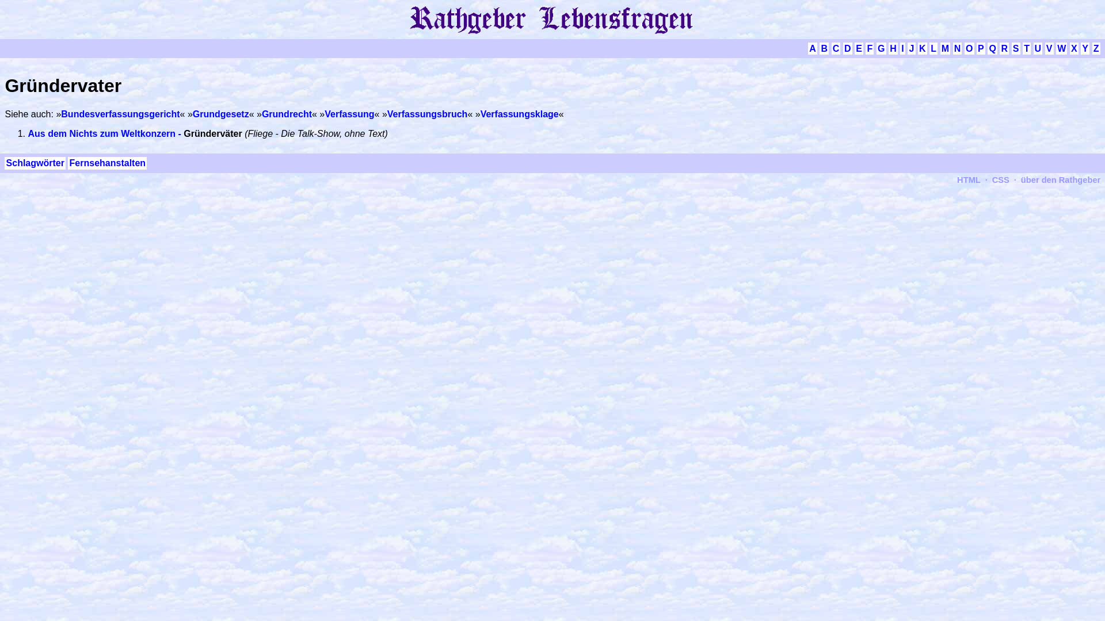  What do you see at coordinates (67, 163) in the screenshot?
I see `'Fernsehanstalten'` at bounding box center [67, 163].